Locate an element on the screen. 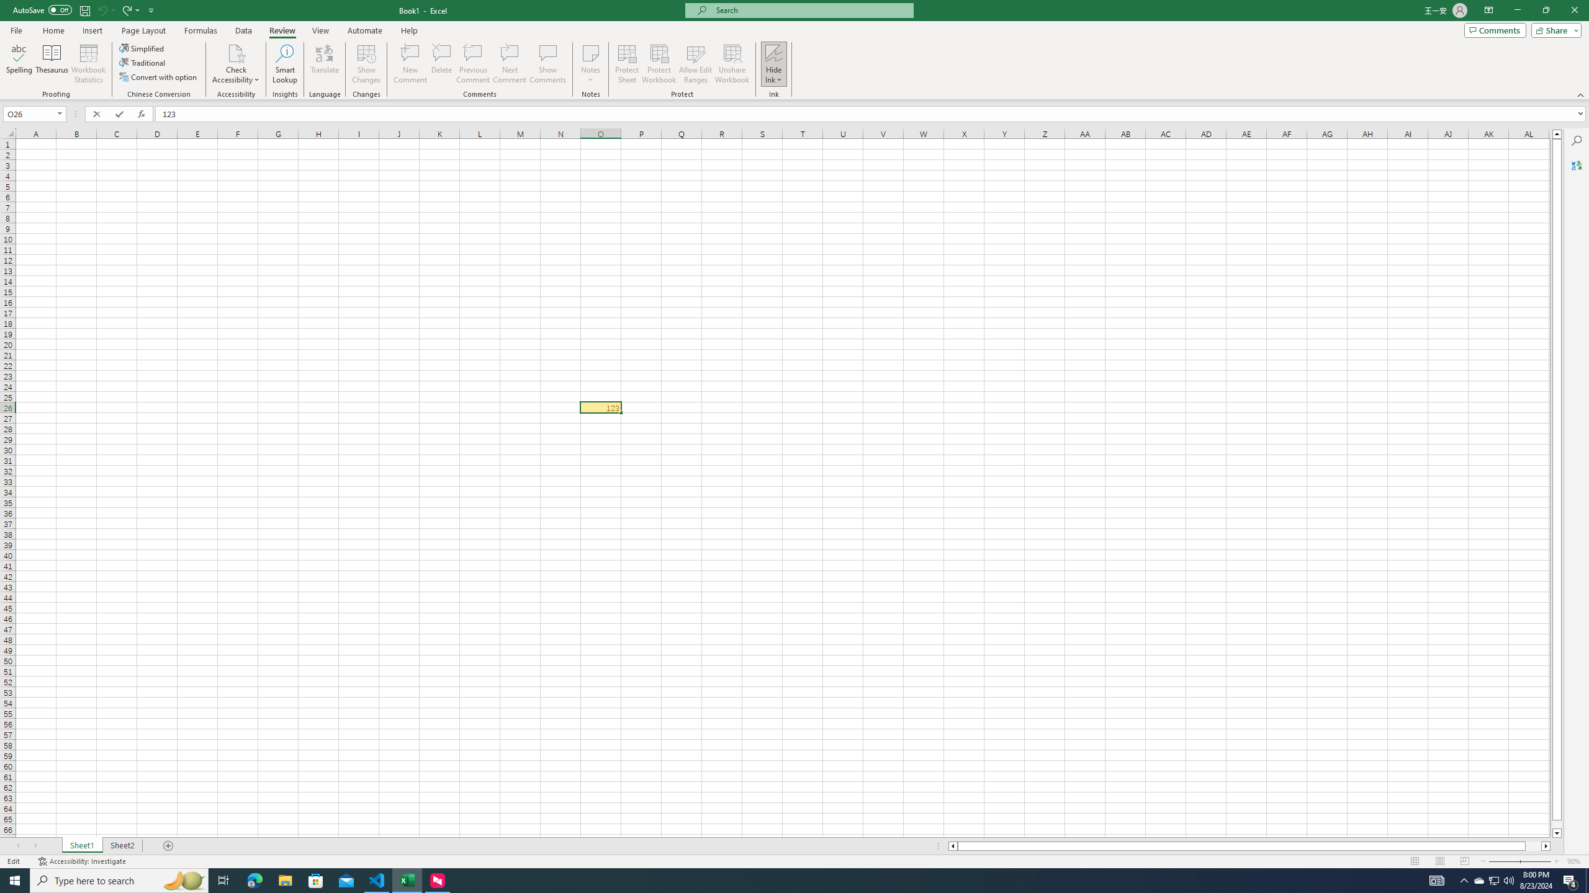 This screenshot has width=1589, height=893. 'Review' is located at coordinates (281, 30).